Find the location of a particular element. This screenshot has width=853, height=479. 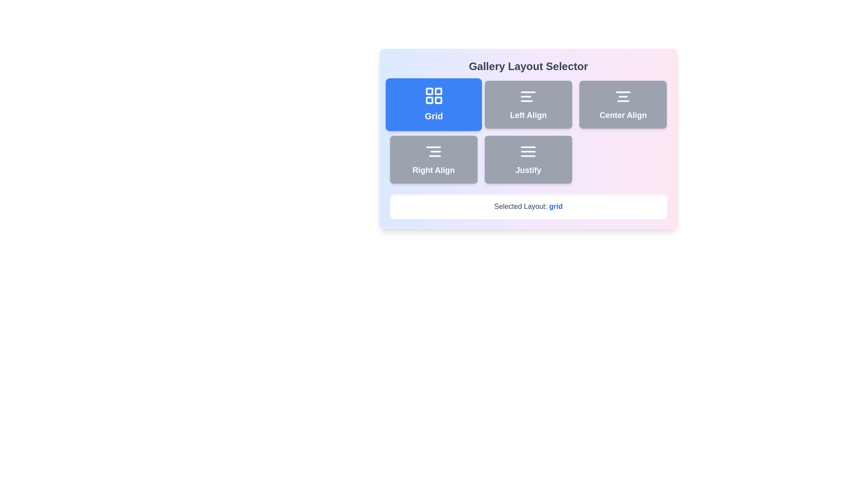

the 'Center Align' button located in the top-right corner of the grid layout is located at coordinates (622, 104).